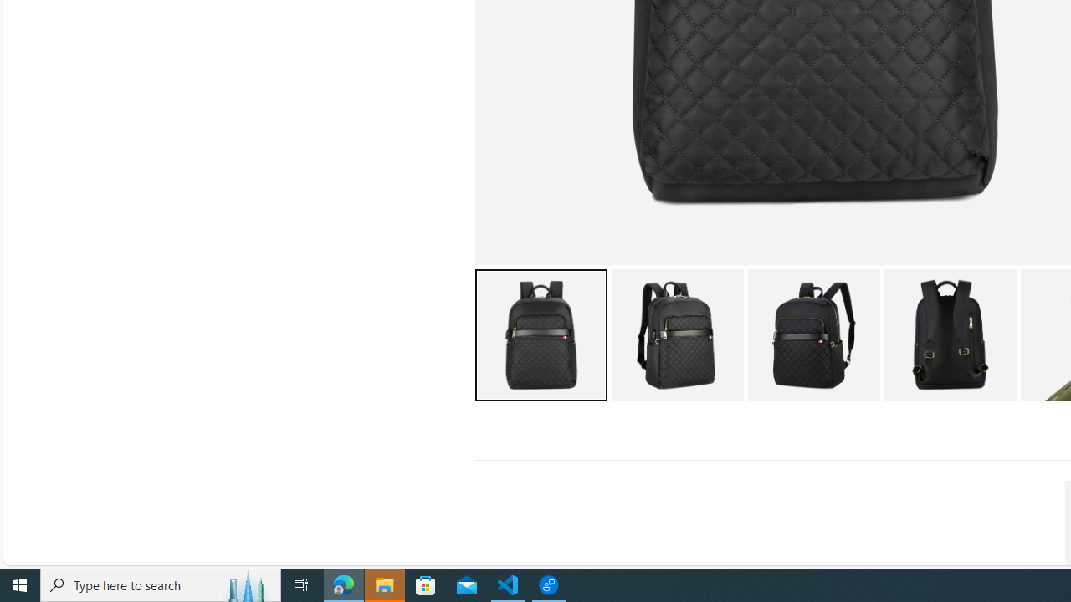  I want to click on 'File Explorer - 1 running window', so click(384, 584).